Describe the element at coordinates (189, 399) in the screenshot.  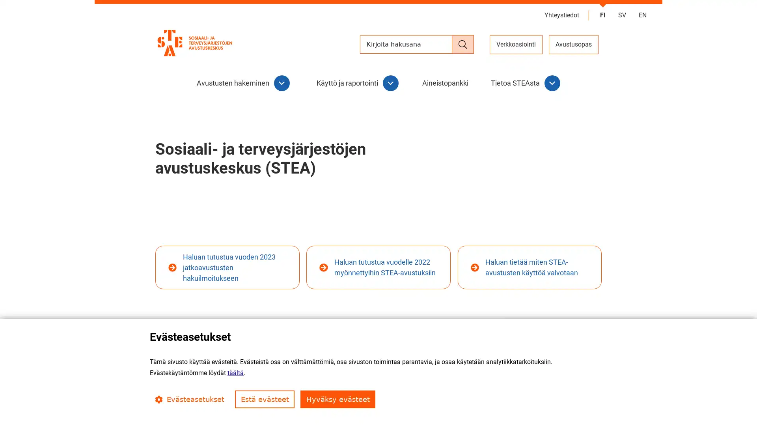
I see `Evasteasetukset` at that location.